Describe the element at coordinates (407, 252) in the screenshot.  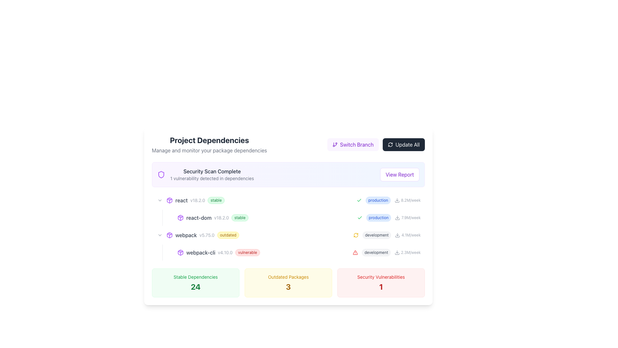
I see `the text element displaying '2.3M/week' with an adjacent download icon, located in the 'development' category row, to read the text` at that location.